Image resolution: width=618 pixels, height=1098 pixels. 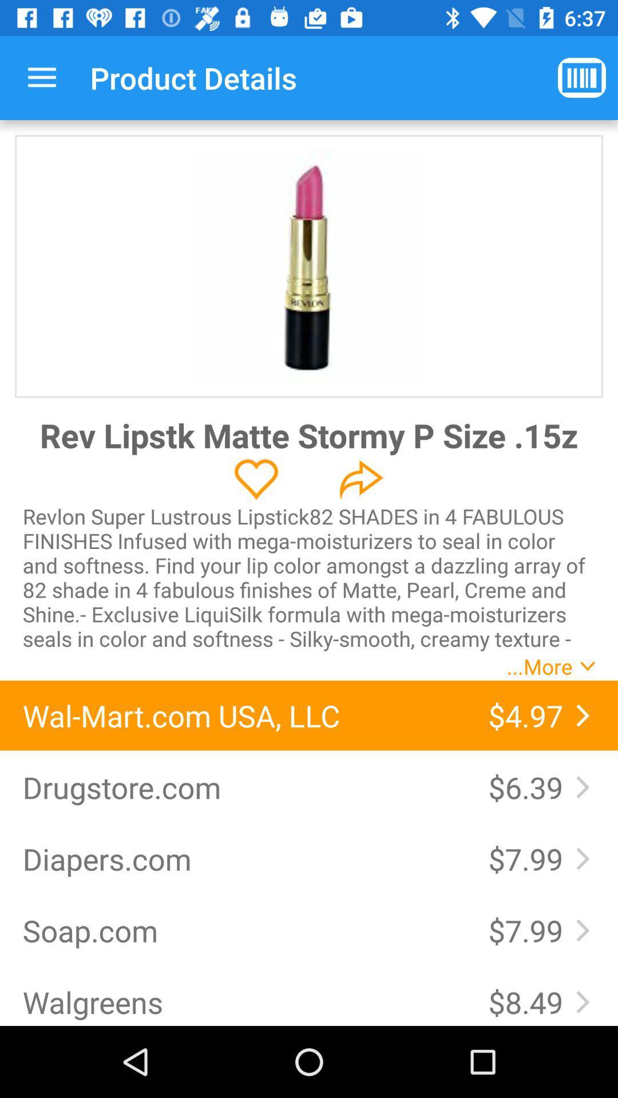 I want to click on the icon below the wal mart com item, so click(x=529, y=786).